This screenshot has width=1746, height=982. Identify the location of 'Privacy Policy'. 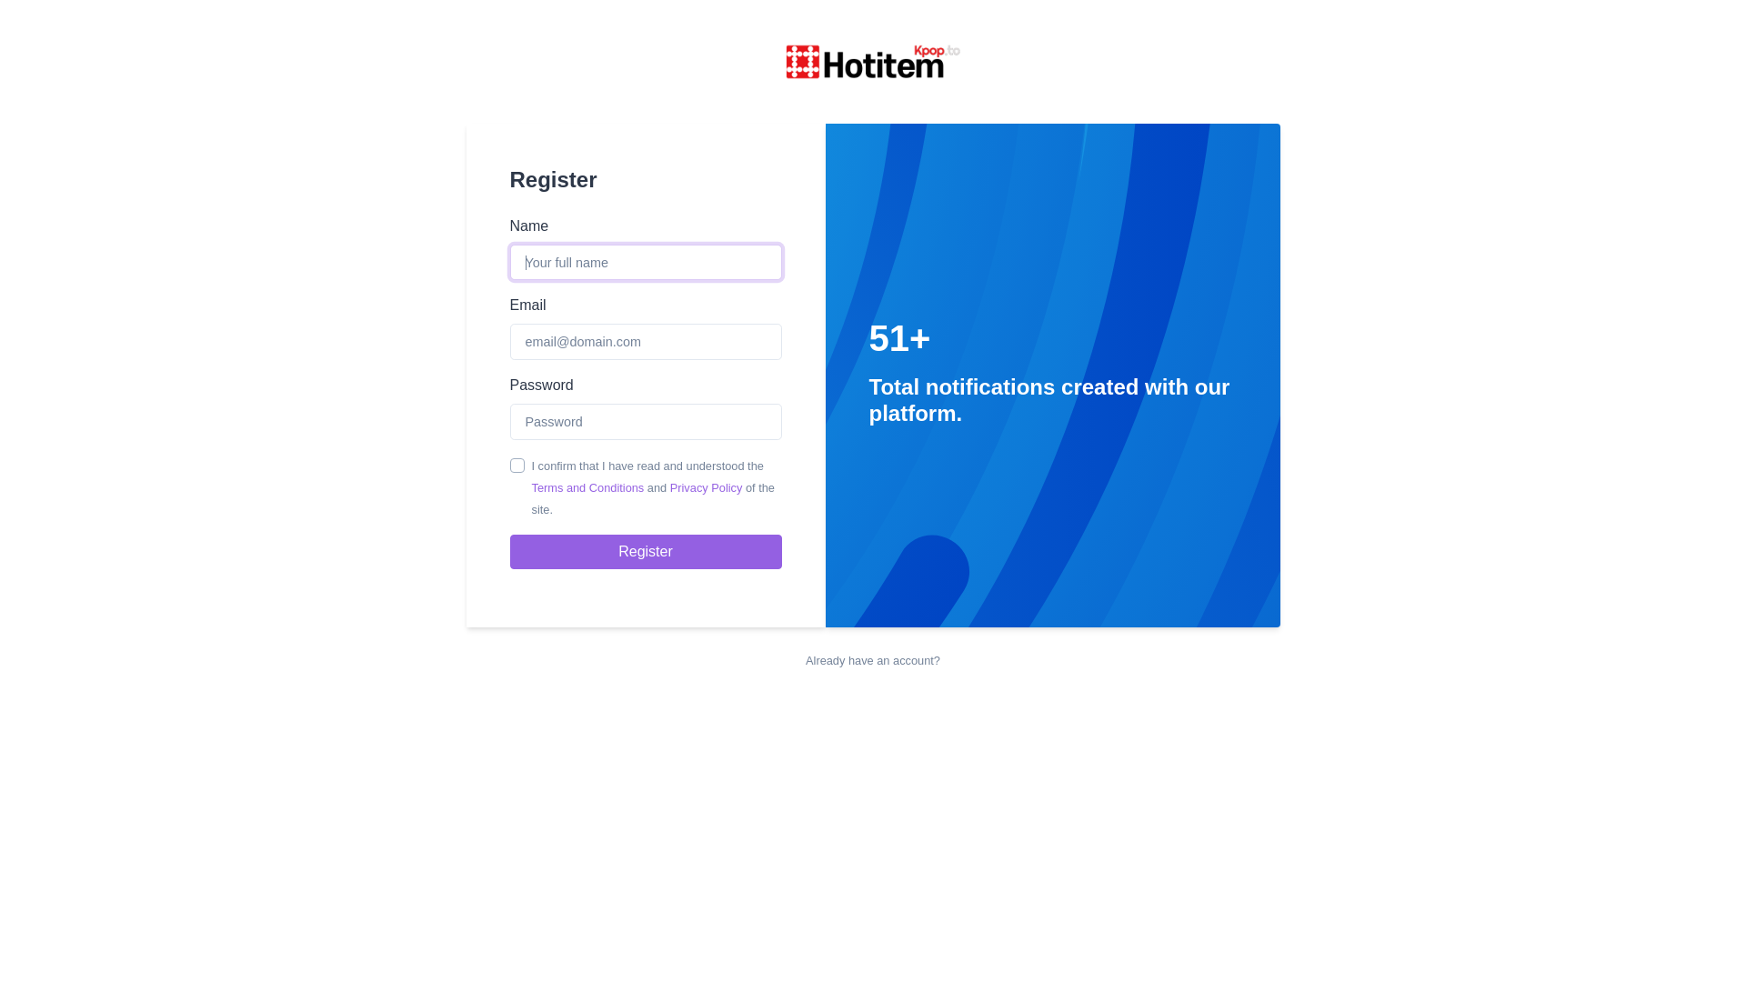
(706, 486).